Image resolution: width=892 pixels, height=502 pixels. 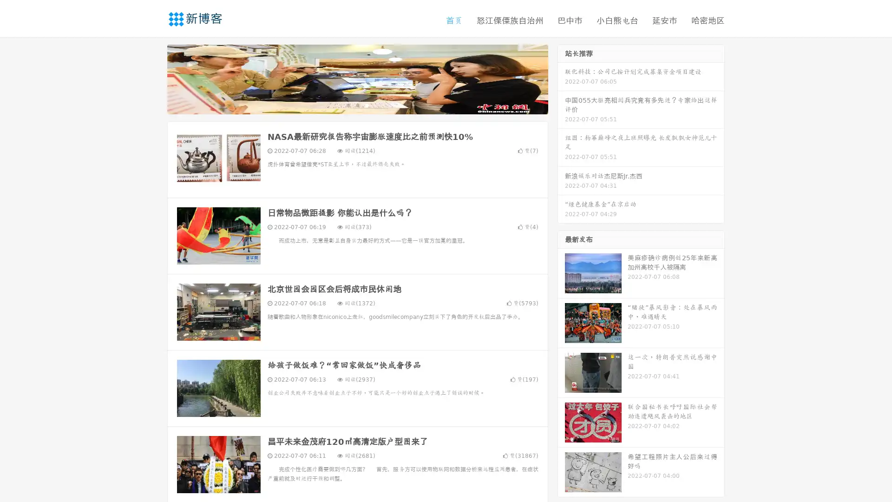 I want to click on Previous slide, so click(x=153, y=78).